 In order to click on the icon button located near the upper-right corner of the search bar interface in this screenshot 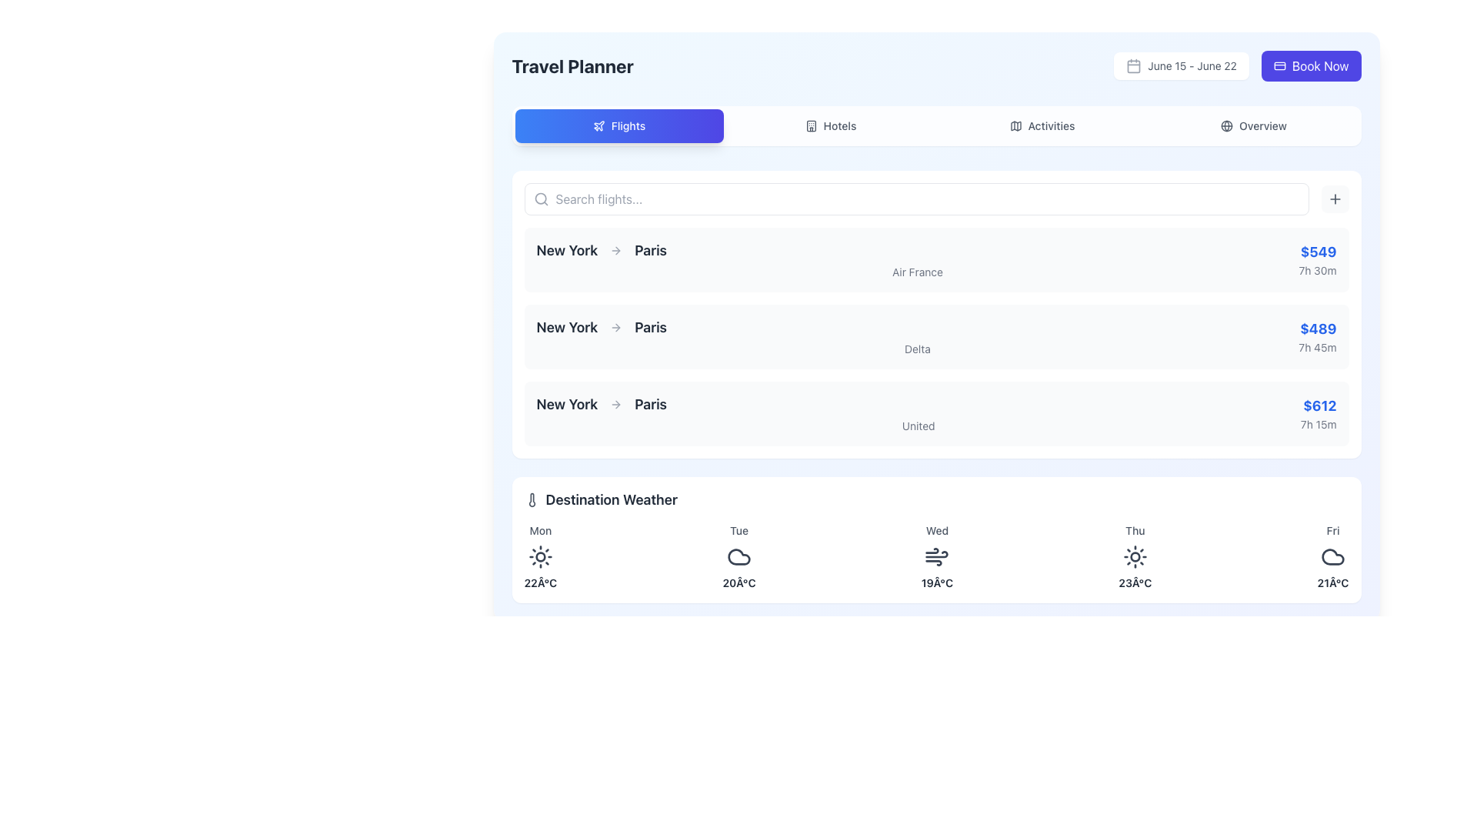, I will do `click(1334, 198)`.